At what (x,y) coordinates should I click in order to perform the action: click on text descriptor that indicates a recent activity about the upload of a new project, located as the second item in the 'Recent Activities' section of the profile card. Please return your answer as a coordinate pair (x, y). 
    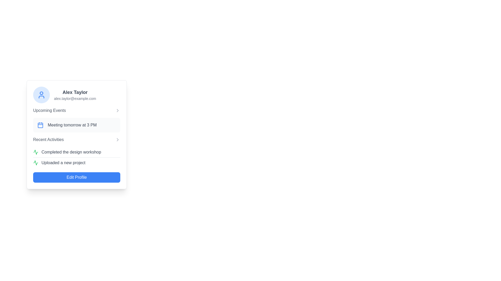
    Looking at the image, I should click on (76, 162).